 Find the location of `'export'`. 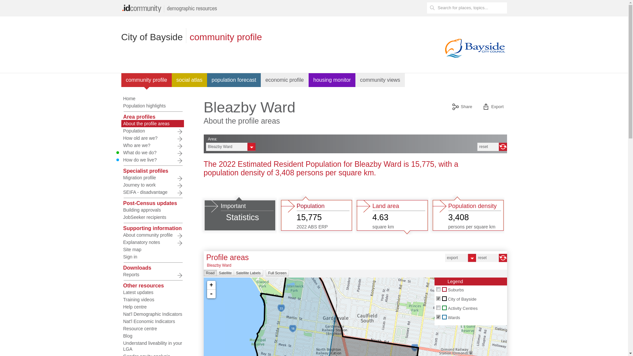

'export' is located at coordinates (445, 257).